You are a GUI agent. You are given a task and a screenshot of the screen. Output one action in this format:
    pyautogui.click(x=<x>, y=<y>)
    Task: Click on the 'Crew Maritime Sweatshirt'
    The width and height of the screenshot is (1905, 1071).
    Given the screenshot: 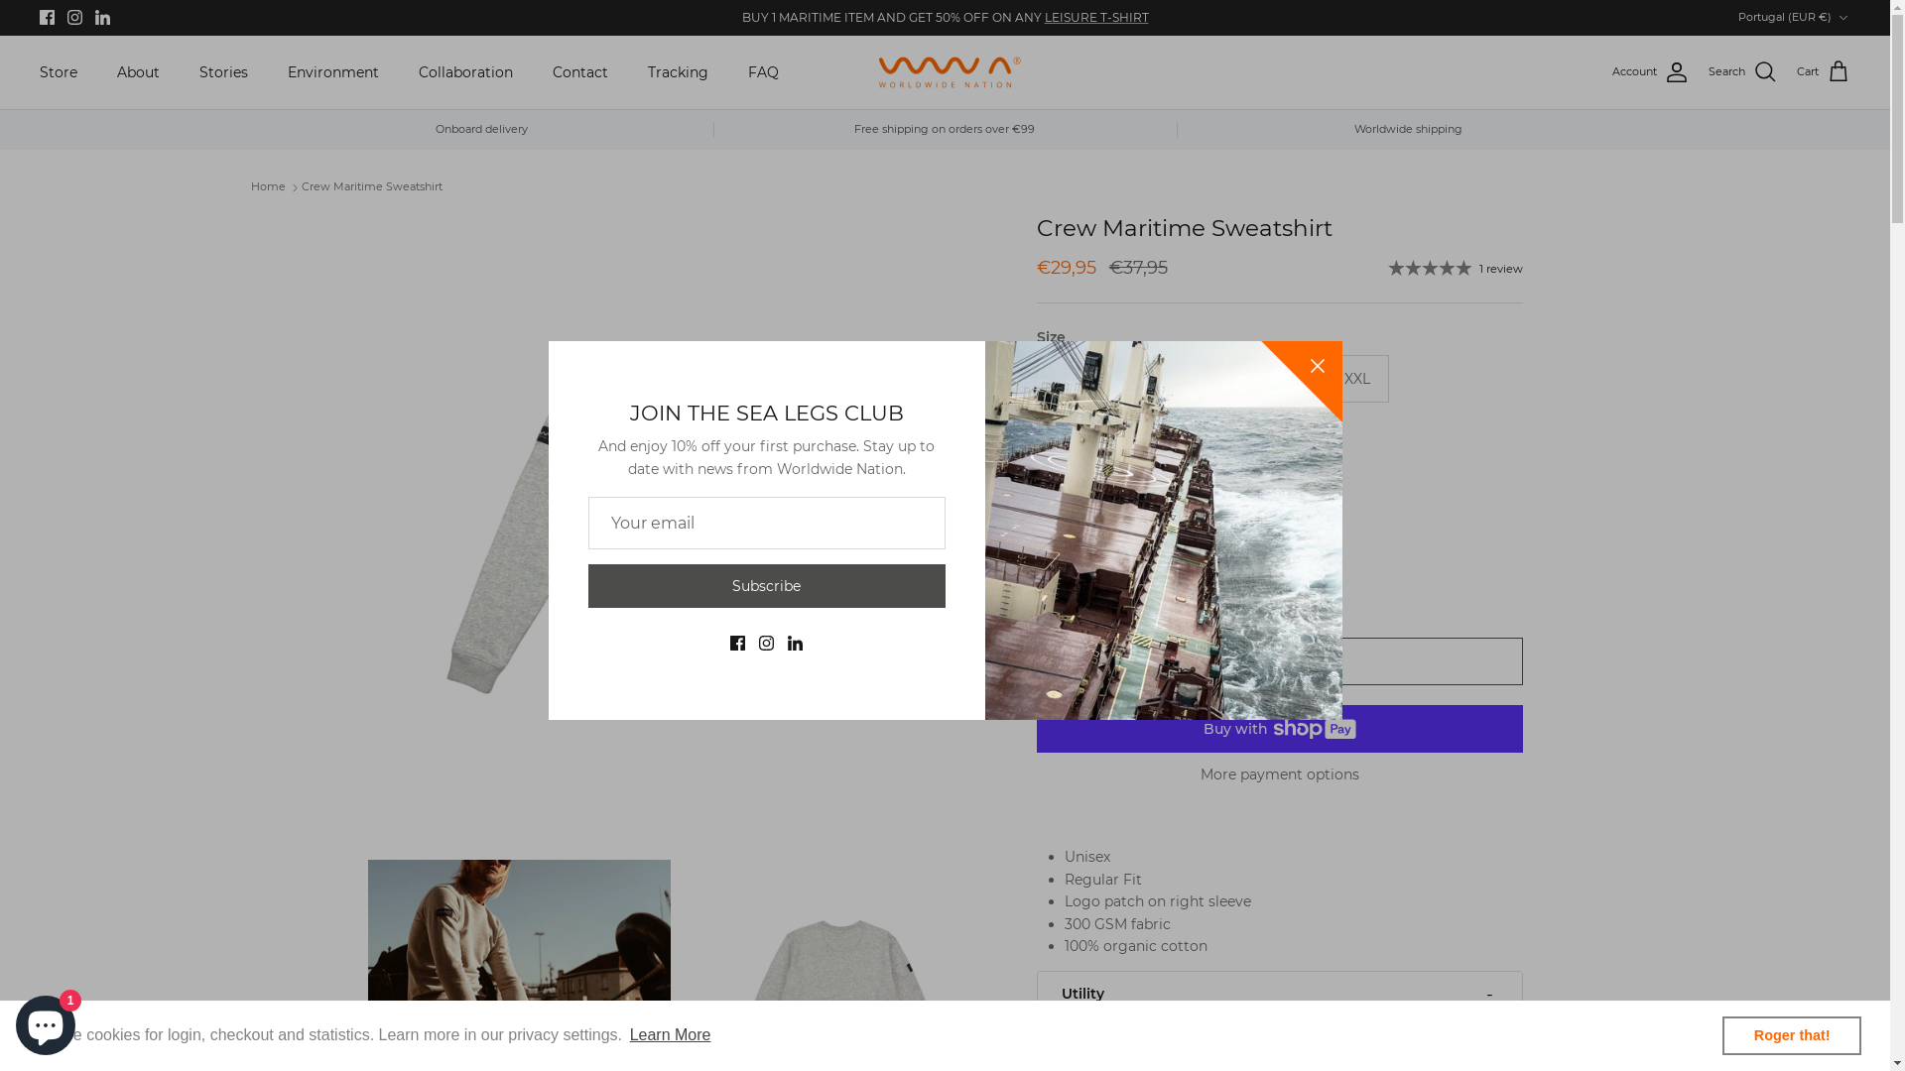 What is the action you would take?
    pyautogui.click(x=371, y=186)
    